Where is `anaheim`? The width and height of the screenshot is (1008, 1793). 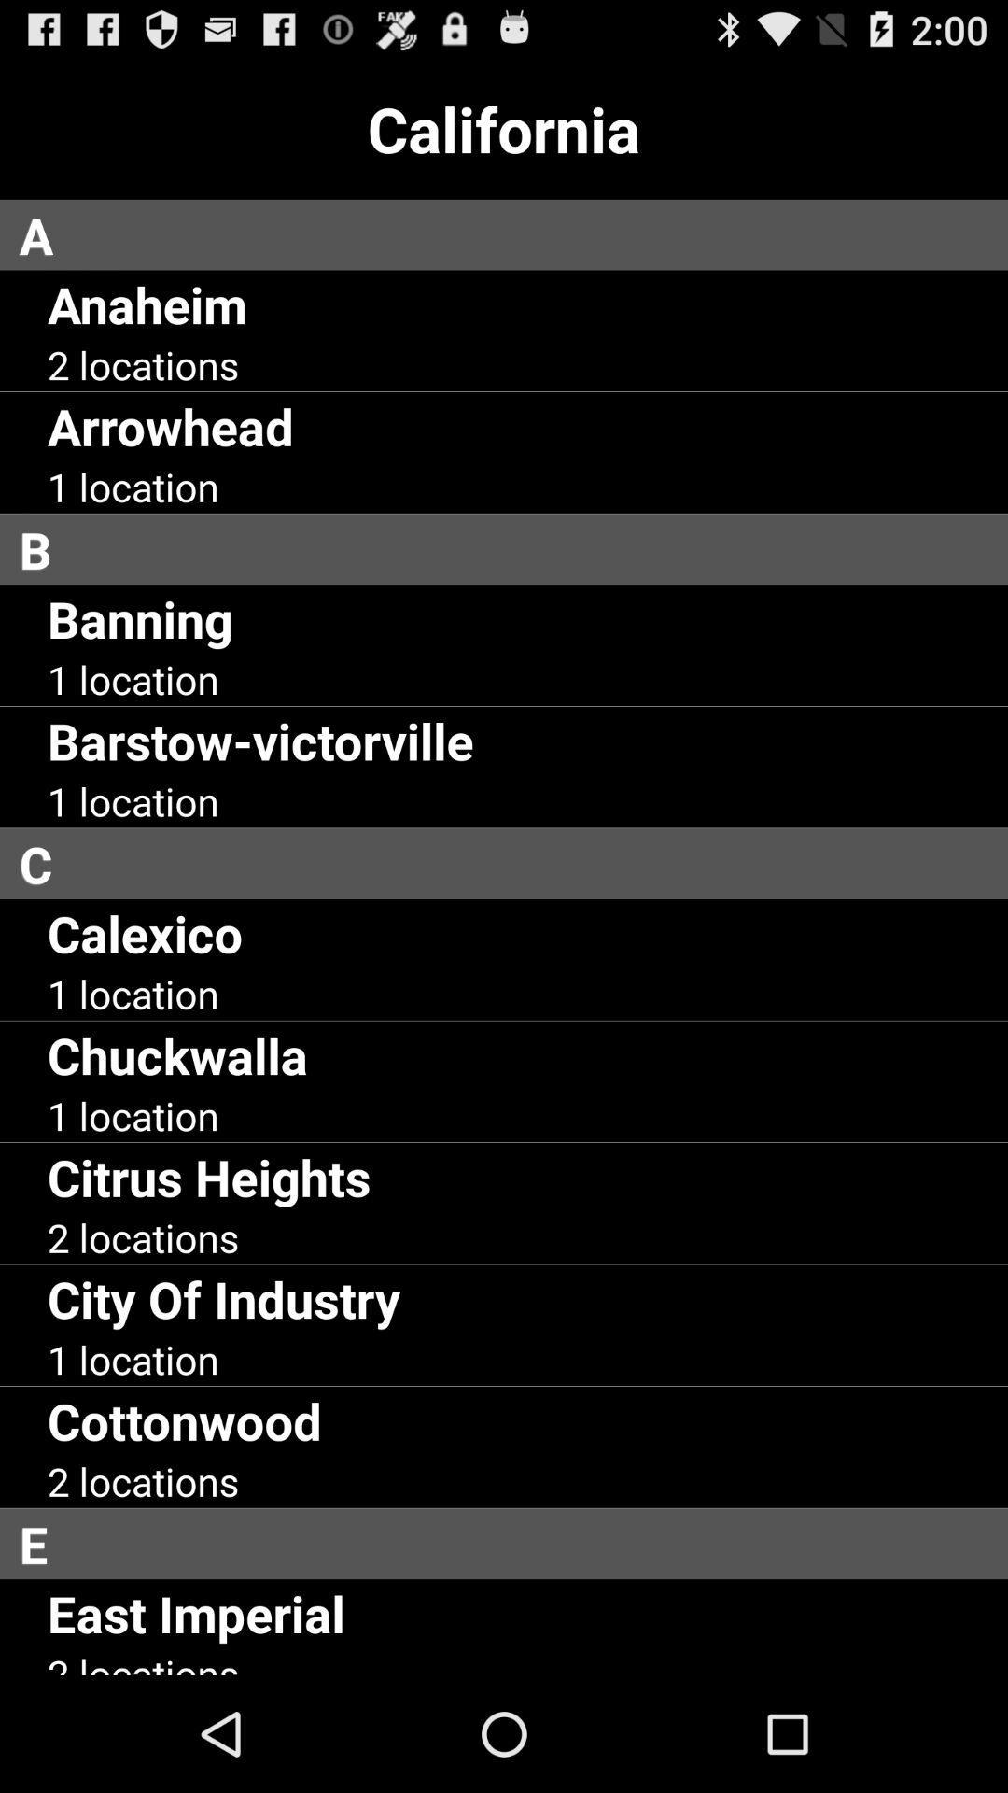 anaheim is located at coordinates (146, 304).